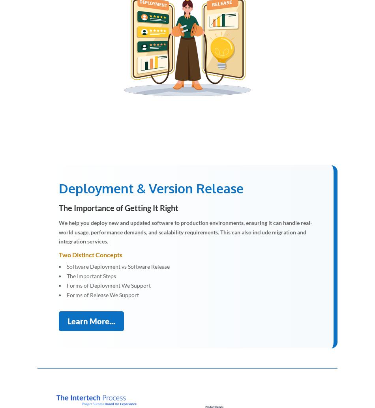  Describe the element at coordinates (158, 46) in the screenshot. I see `'O'` at that location.